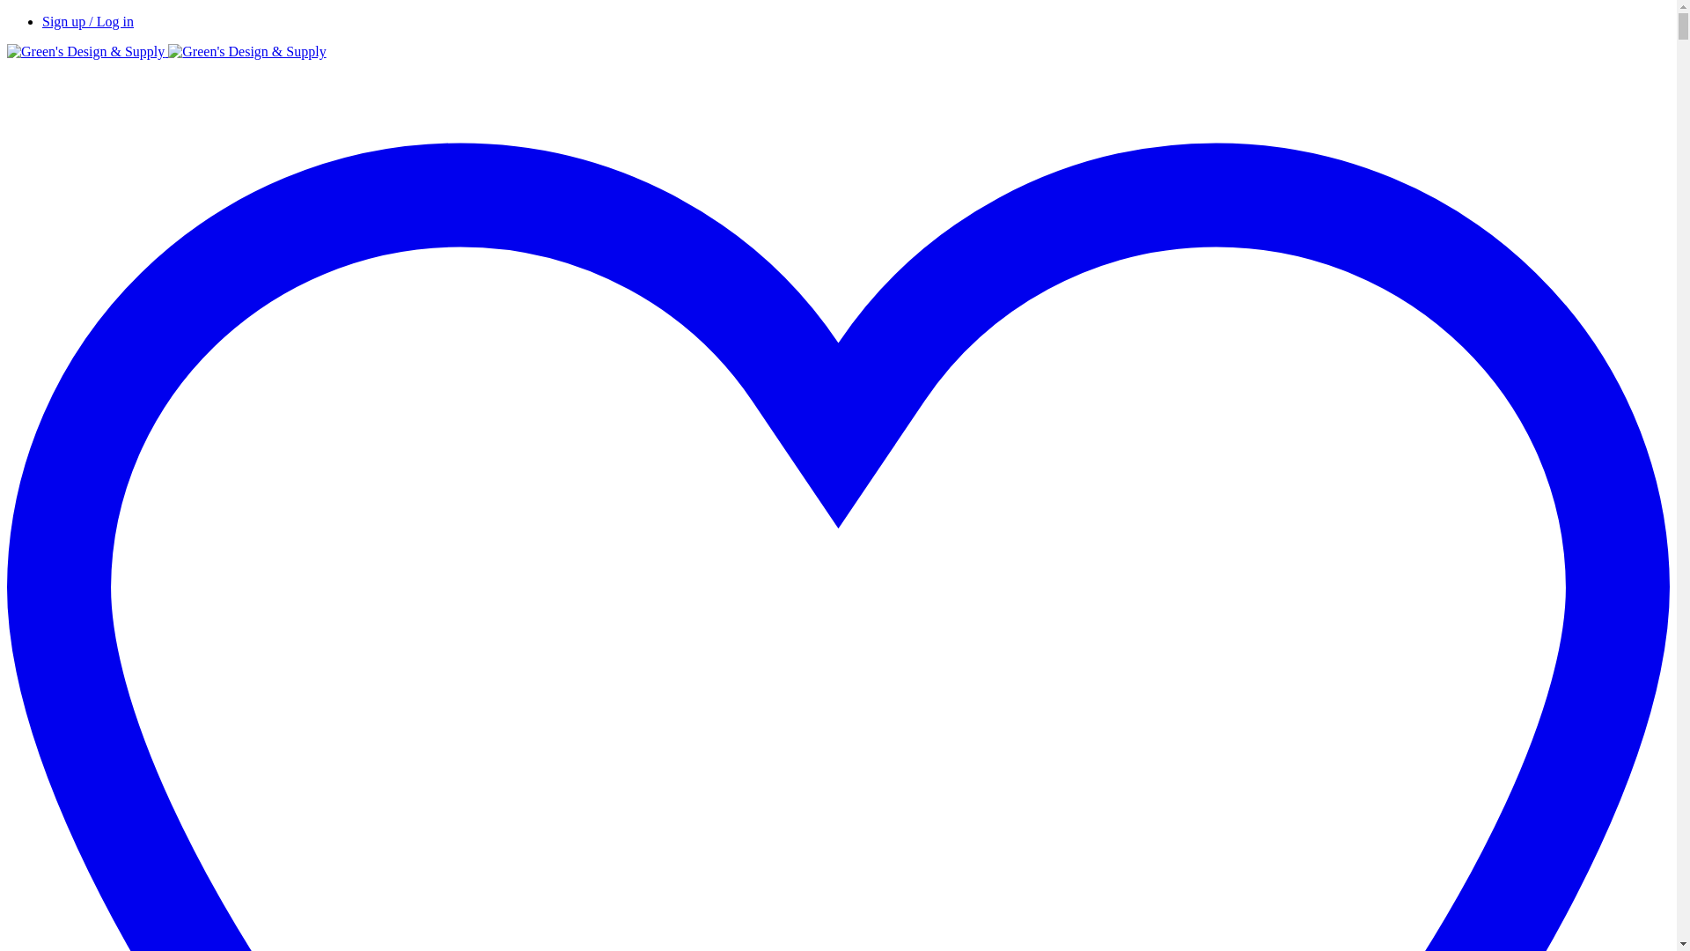 Image resolution: width=1690 pixels, height=951 pixels. I want to click on 'Green's Design & Supply', so click(166, 50).